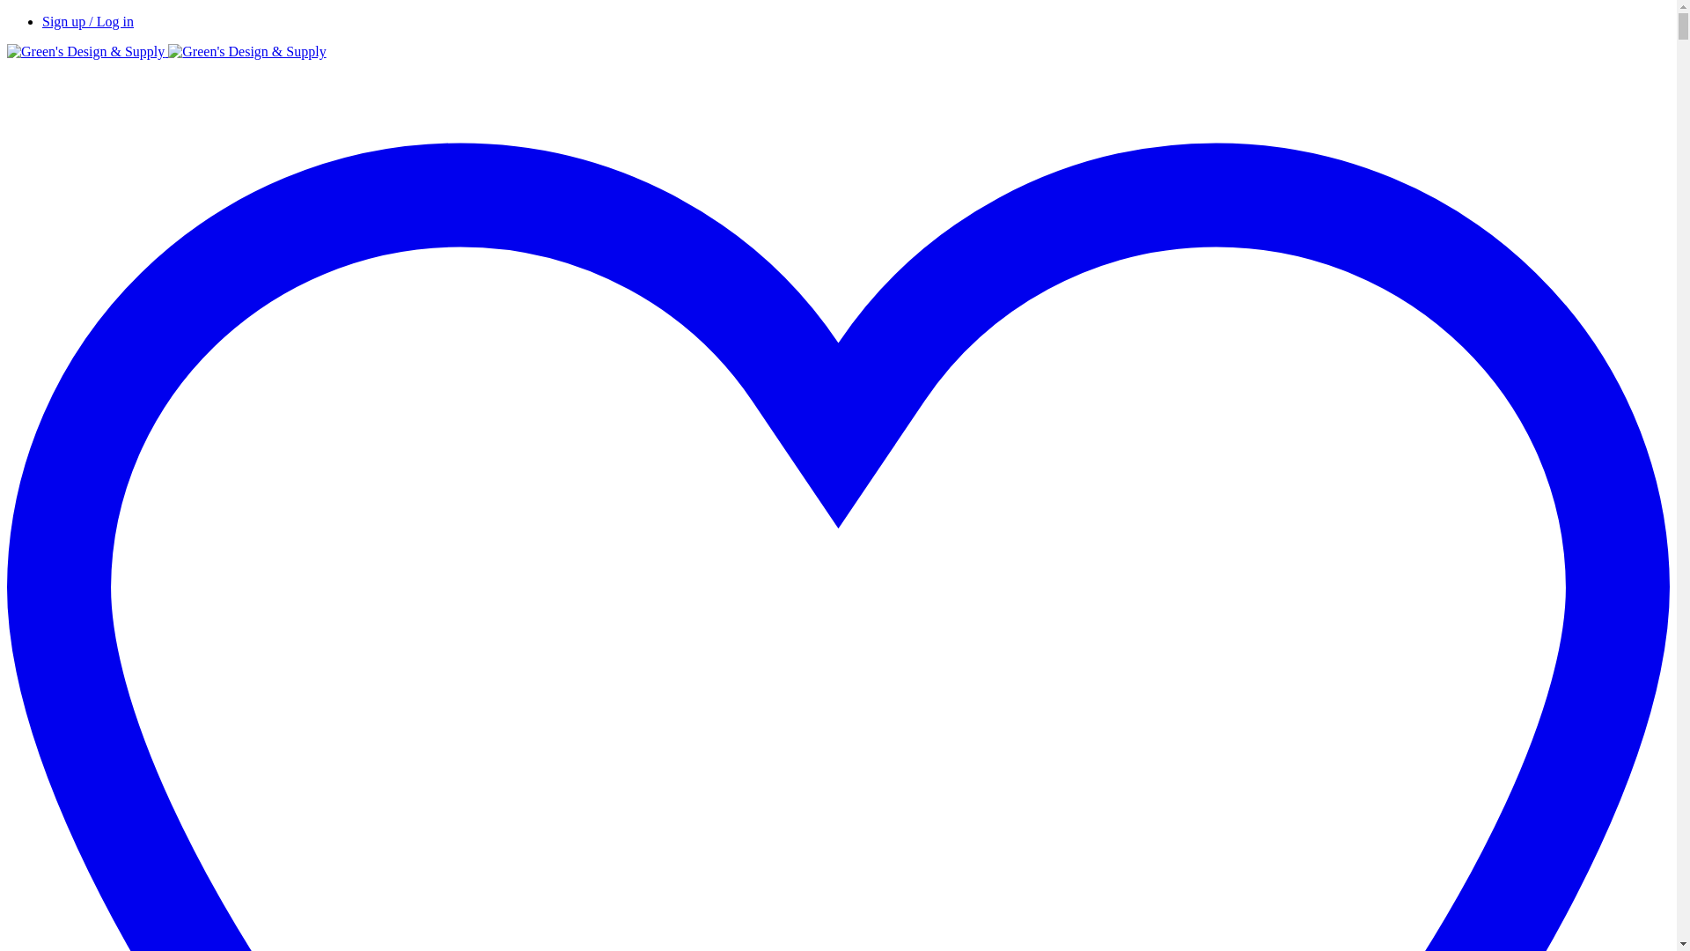 Image resolution: width=1690 pixels, height=951 pixels. I want to click on 'Green's Design & Supply', so click(166, 50).